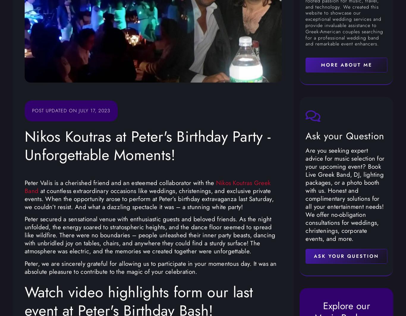 This screenshot has height=316, width=406. Describe the element at coordinates (25, 235) in the screenshot. I see `'Peter secured a sensational venue with enthusiastic guests and beloved friends. As the night unfolded, the energy soared to stratospheric heights, and the dance floor seemed to spread like wildfire. There were no boundaries – people unleashed their inner party beasts, dancing with unbridled joy on tables, chairs, and anywhere they could find a sturdy surface! The atmosphere was electric, and the memories we created together were unforgettable.'` at that location.